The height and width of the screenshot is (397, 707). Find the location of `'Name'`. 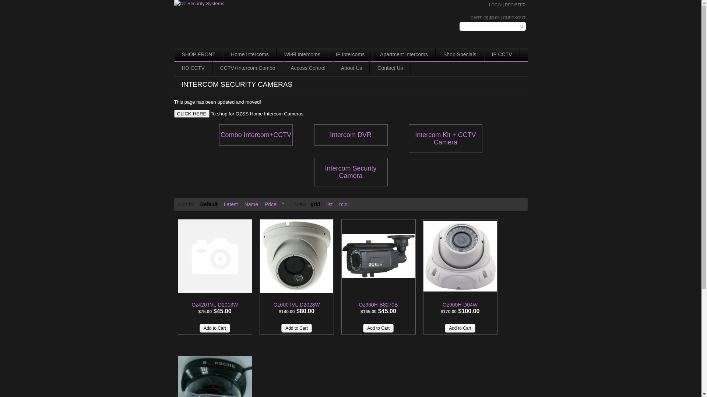

'Name' is located at coordinates (251, 204).